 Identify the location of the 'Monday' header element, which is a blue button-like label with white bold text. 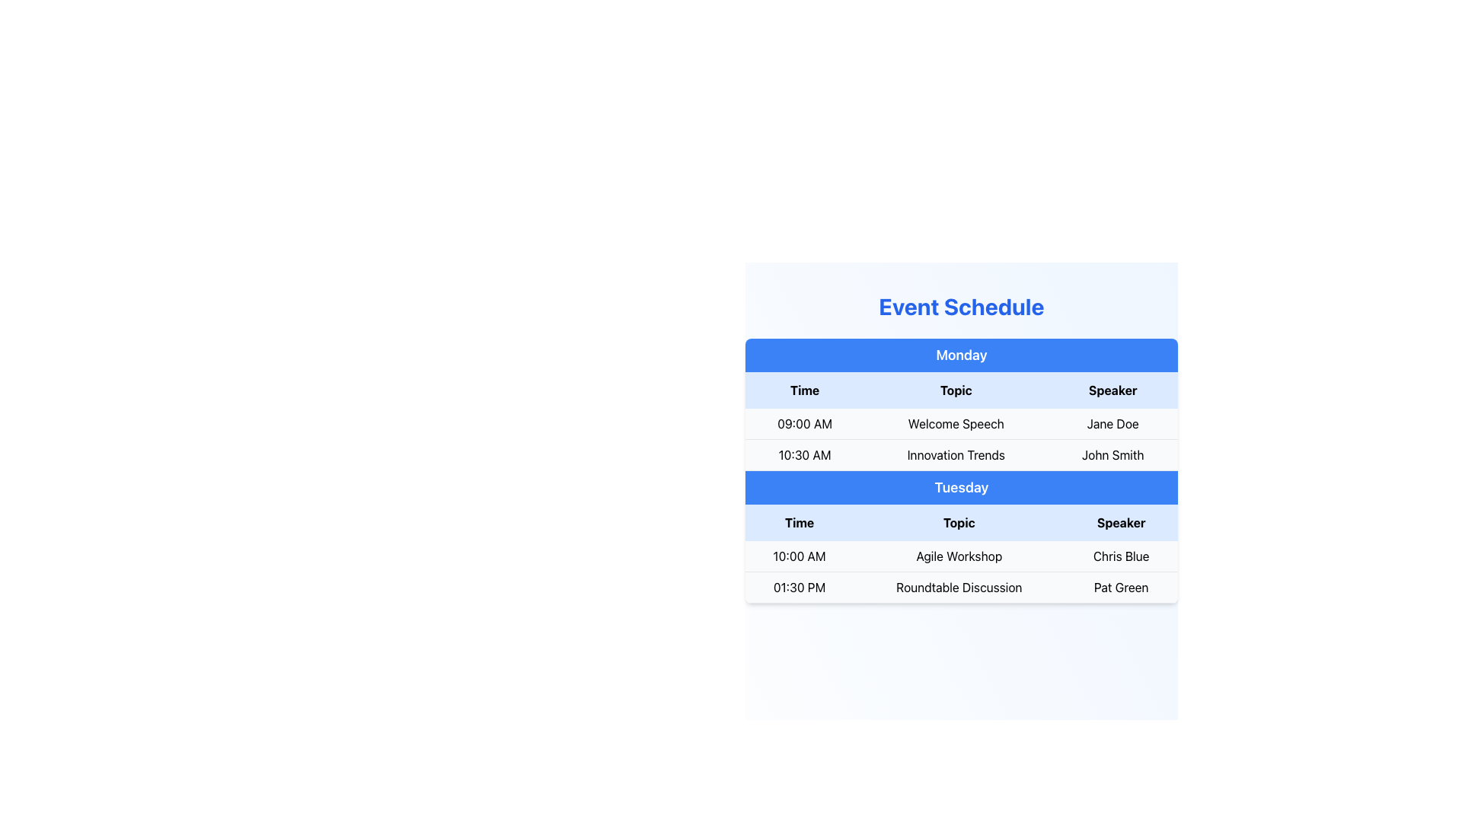
(960, 355).